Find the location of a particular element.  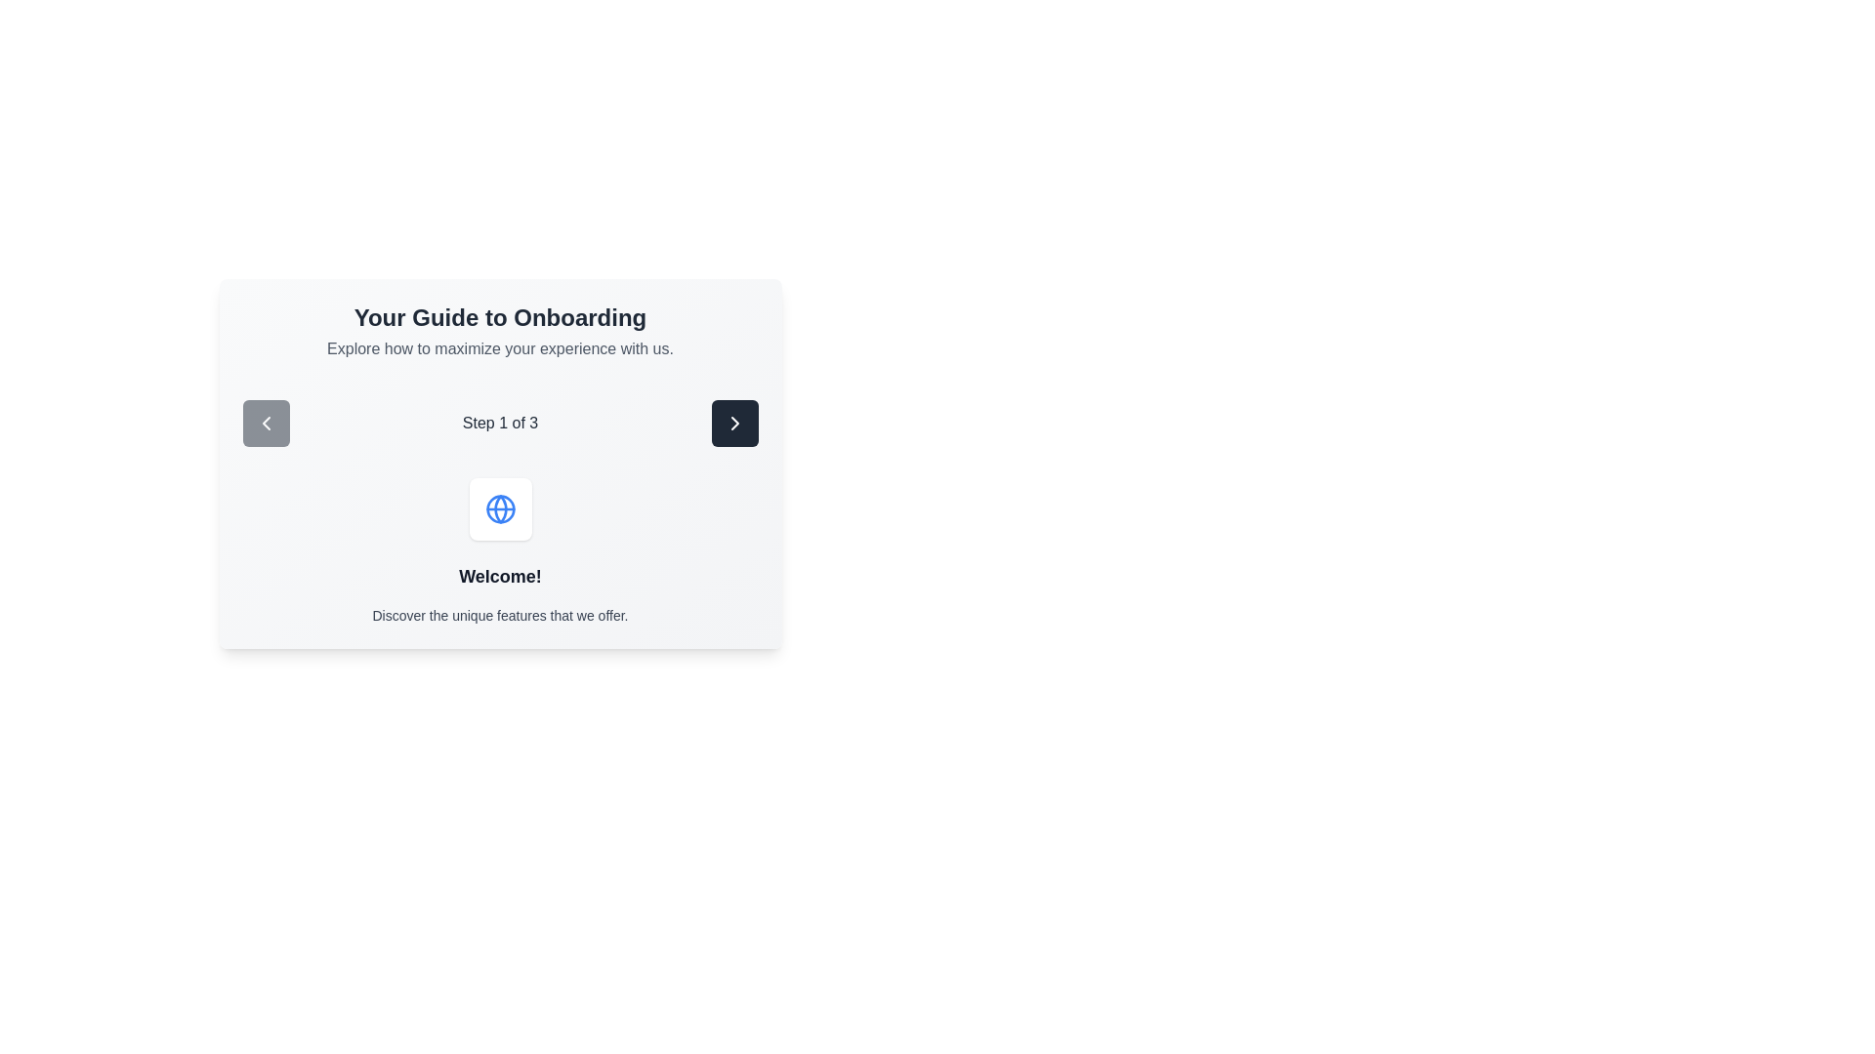

the text block that reads 'Your Guide to Onboarding' and 'Explore how to maximize your experience with us.' is located at coordinates (500, 330).